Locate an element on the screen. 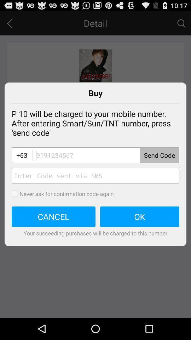  icon to the right of the cancel icon is located at coordinates (140, 216).